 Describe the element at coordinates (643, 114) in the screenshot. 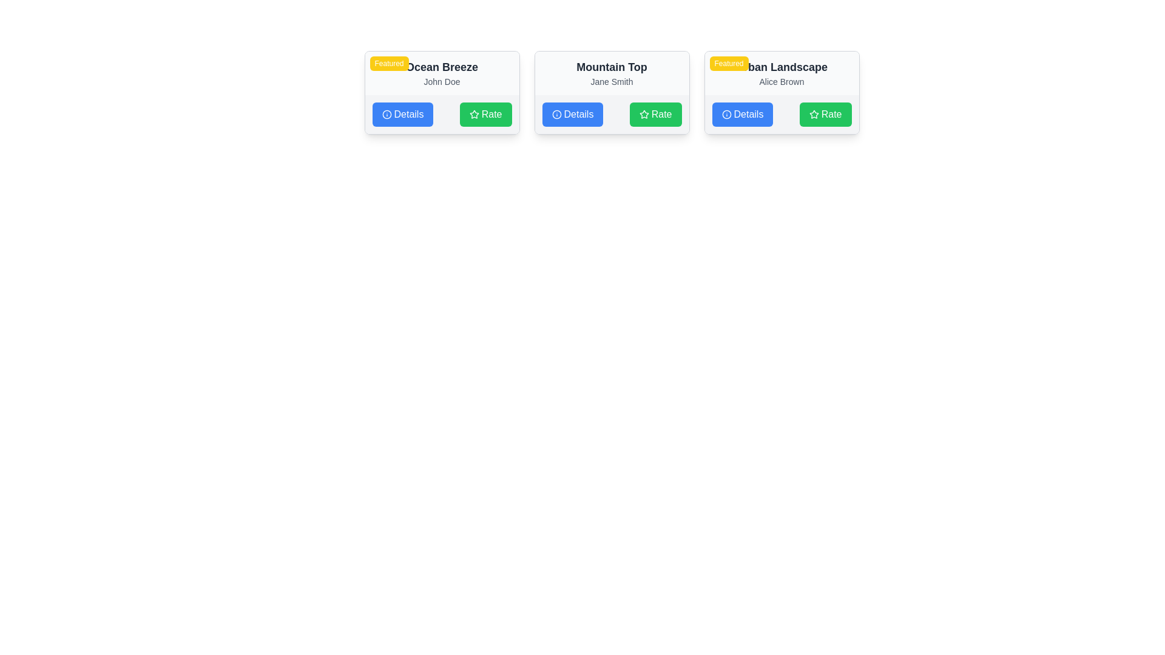

I see `the star icon within the green 'Rate' button on the second card titled 'Mountain Top'` at that location.